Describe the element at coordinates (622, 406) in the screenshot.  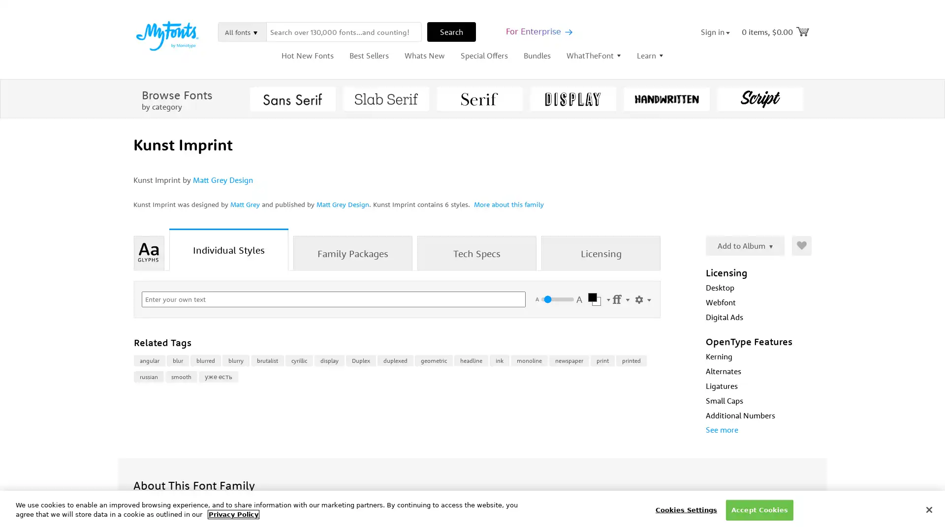
I see `Buying Choices` at that location.